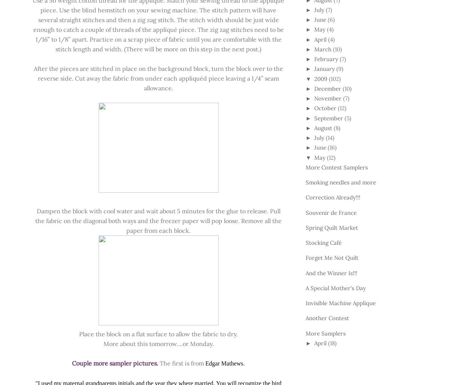 Image resolution: width=450 pixels, height=385 pixels. I want to click on 'March', so click(313, 49).